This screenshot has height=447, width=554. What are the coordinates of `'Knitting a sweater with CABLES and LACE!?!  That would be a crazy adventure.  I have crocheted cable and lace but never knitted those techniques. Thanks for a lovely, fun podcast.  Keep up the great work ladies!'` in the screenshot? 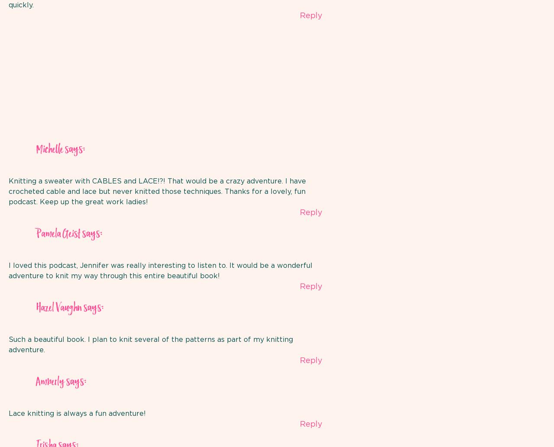 It's located at (8, 191).